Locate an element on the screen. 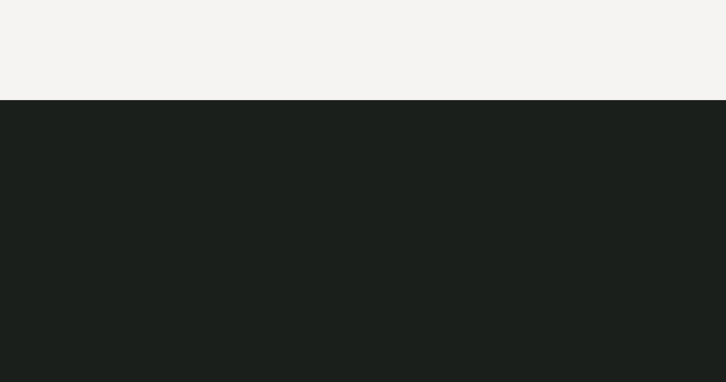  'gäller.' is located at coordinates (330, 313).